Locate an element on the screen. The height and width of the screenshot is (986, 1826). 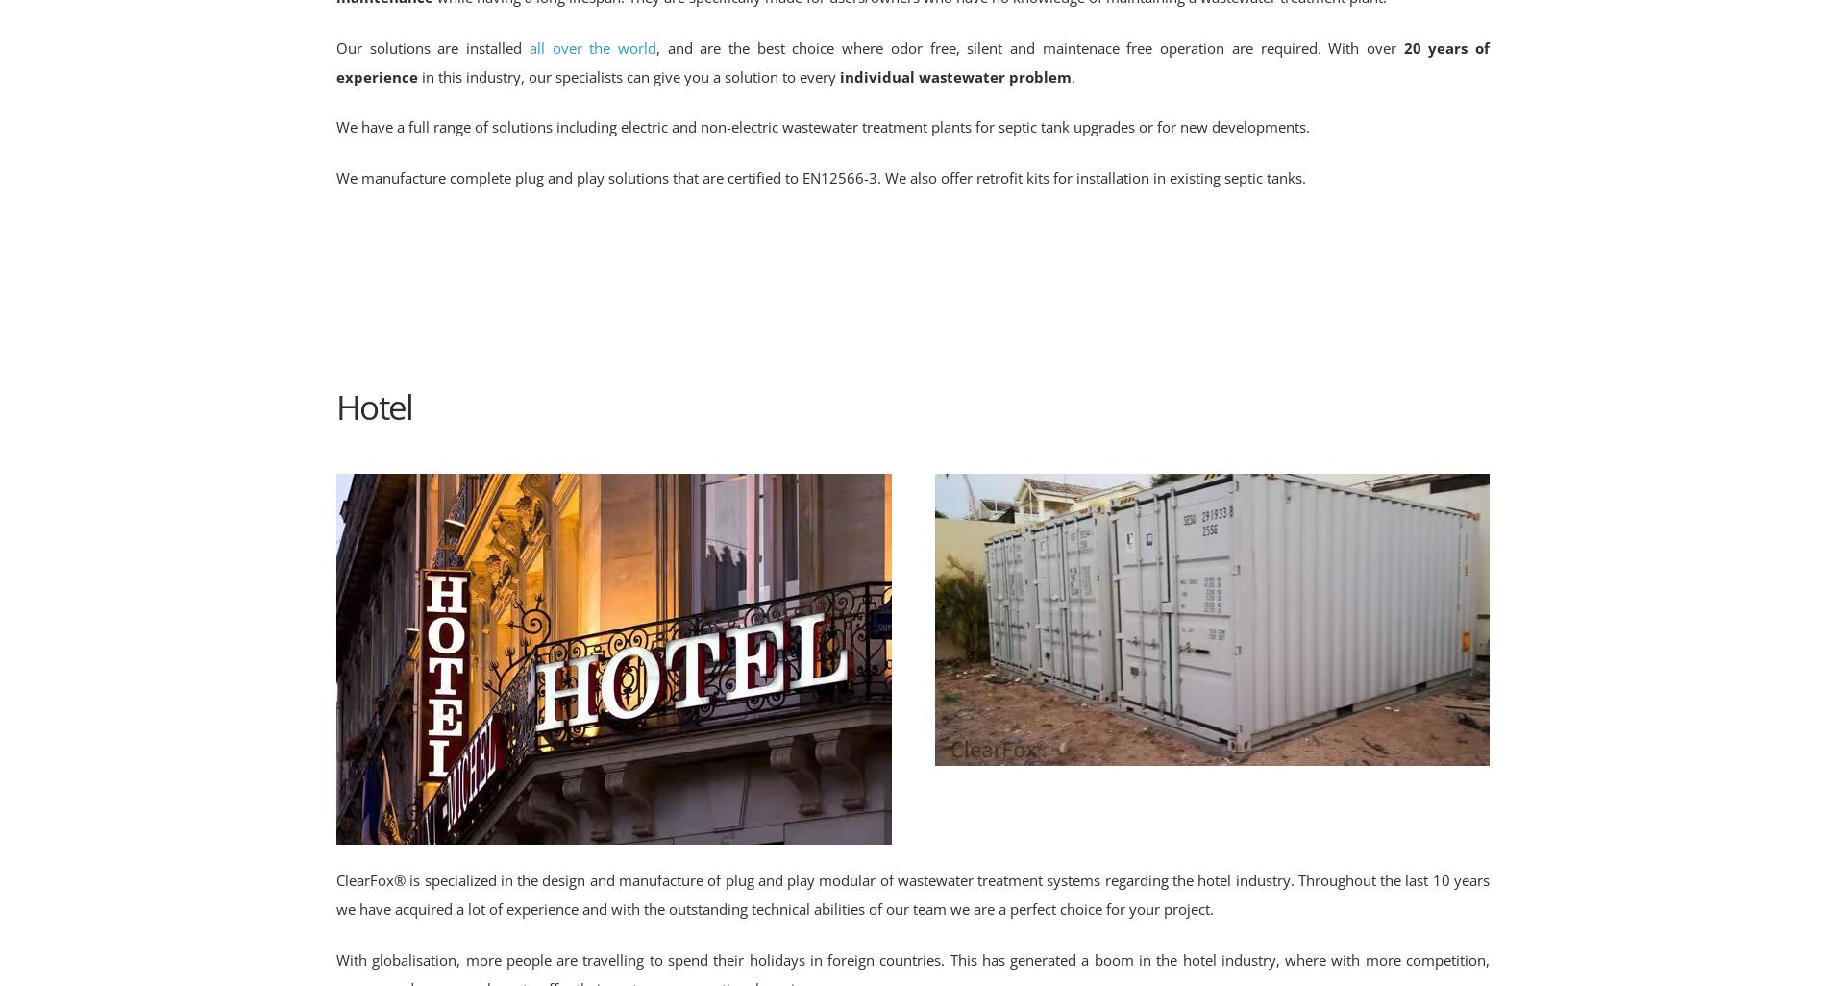
'Hotel' is located at coordinates (334, 406).